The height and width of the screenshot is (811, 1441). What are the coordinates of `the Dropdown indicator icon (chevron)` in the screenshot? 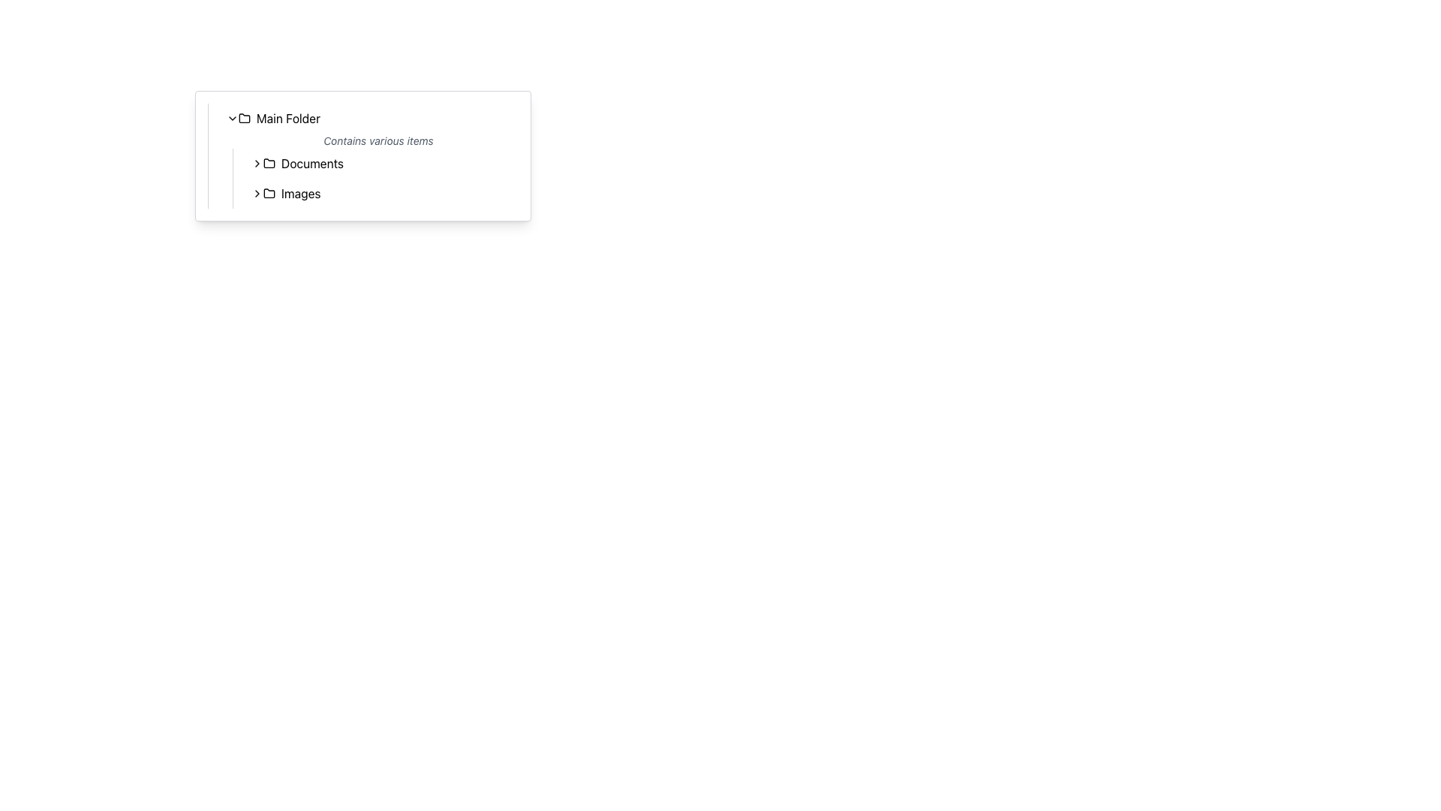 It's located at (232, 118).